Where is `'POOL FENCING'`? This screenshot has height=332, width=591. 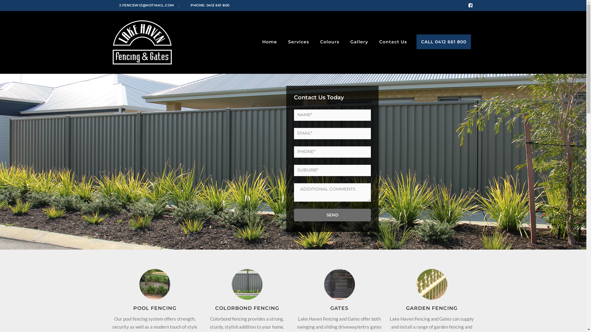
'POOL FENCING' is located at coordinates (133, 308).